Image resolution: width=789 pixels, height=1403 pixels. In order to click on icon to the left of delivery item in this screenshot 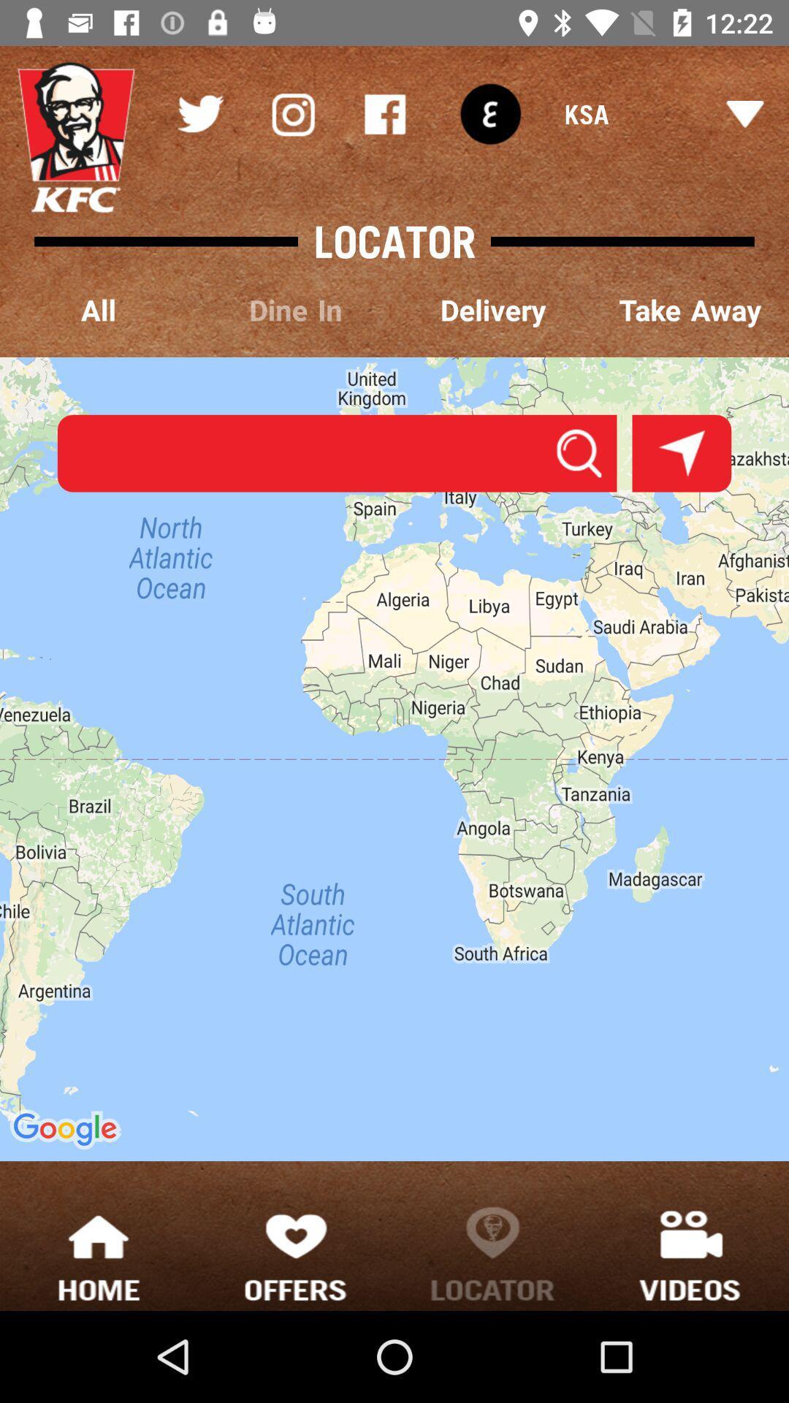, I will do `click(296, 311)`.